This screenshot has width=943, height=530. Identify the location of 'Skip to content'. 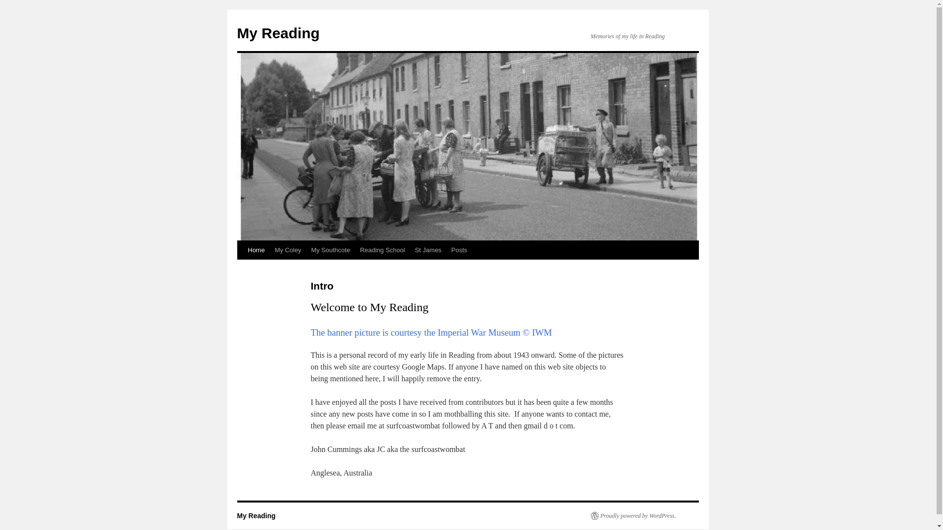
(241, 268).